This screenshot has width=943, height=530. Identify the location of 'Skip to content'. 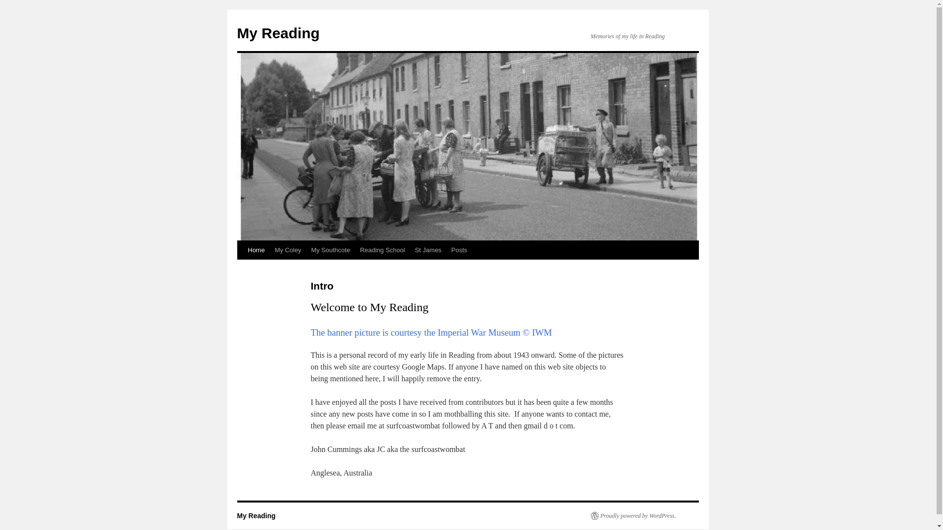
(241, 268).